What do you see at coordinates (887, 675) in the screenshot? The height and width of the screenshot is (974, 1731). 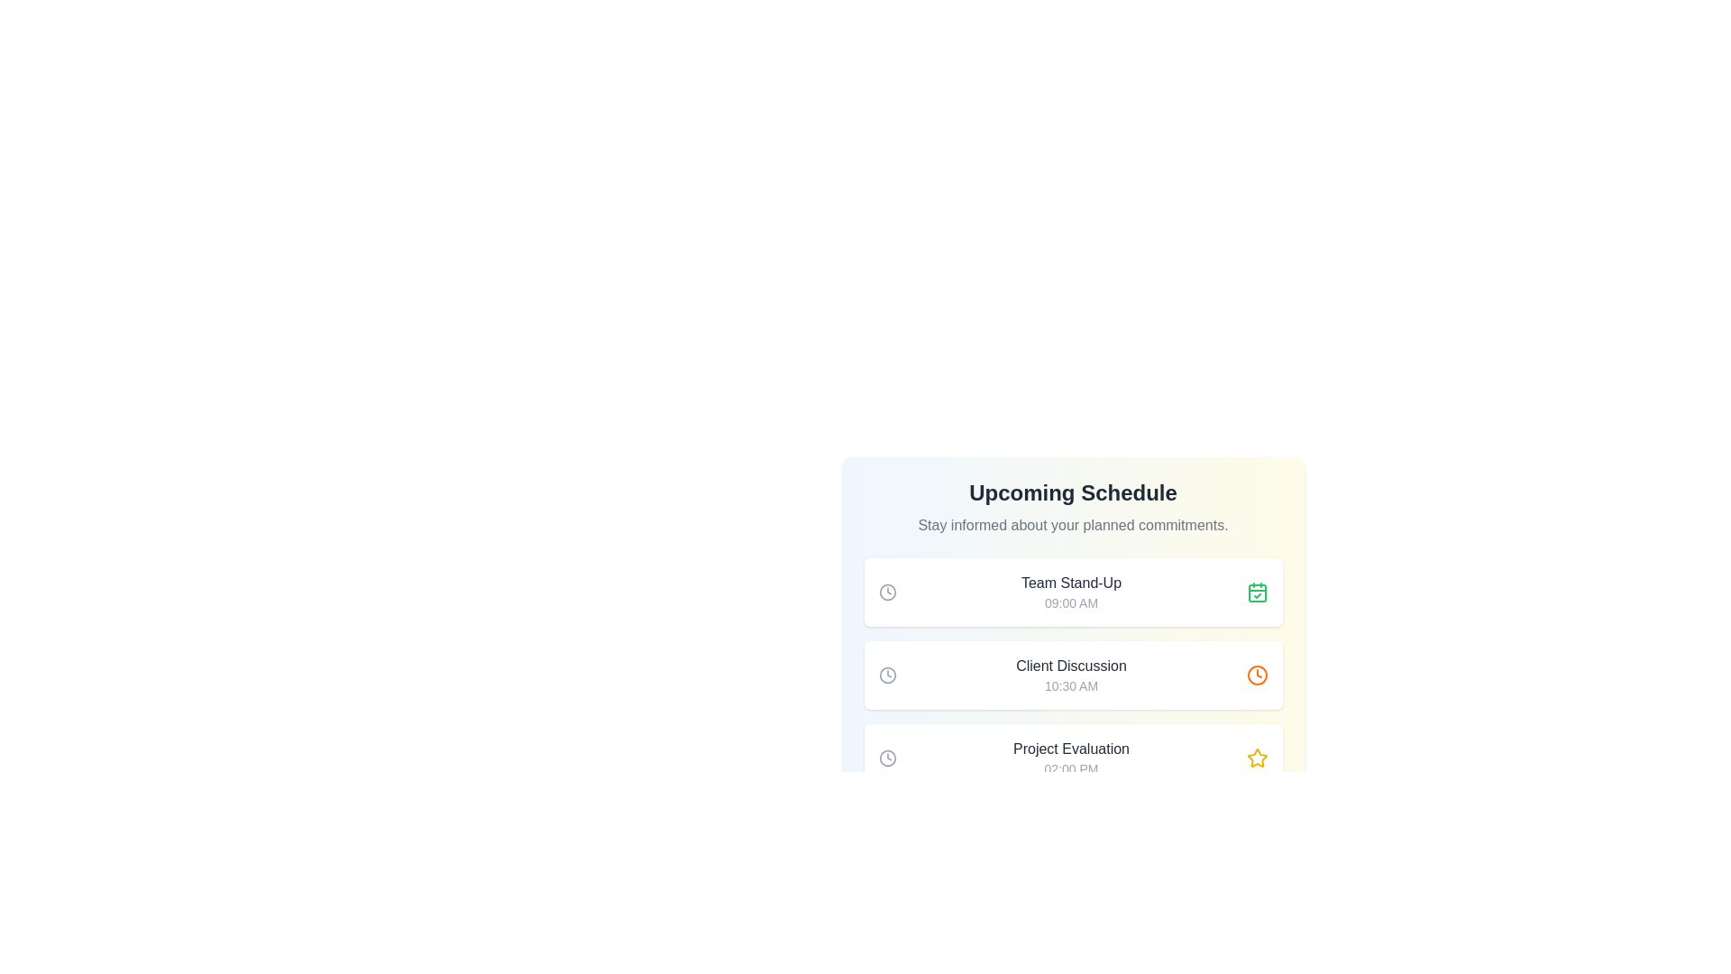 I see `the small, circular clock icon next to the text 'Client Discussion' and '10:30 AM' in the schedule card` at bounding box center [887, 675].